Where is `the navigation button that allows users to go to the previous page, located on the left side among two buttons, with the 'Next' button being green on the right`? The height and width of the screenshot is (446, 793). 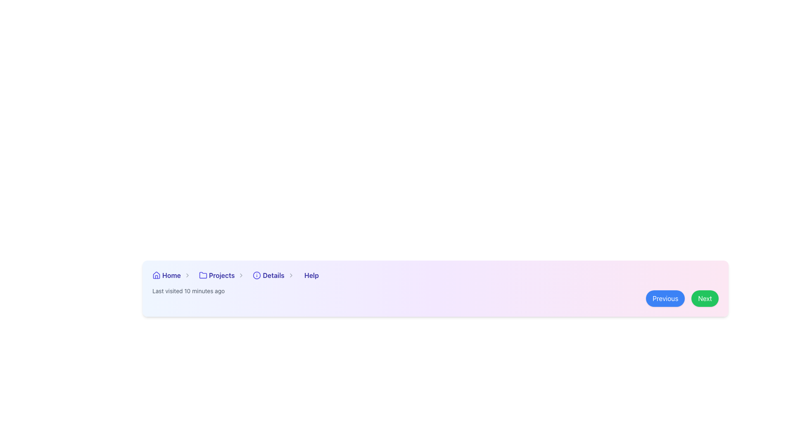 the navigation button that allows users to go to the previous page, located on the left side among two buttons, with the 'Next' button being green on the right is located at coordinates (665, 298).